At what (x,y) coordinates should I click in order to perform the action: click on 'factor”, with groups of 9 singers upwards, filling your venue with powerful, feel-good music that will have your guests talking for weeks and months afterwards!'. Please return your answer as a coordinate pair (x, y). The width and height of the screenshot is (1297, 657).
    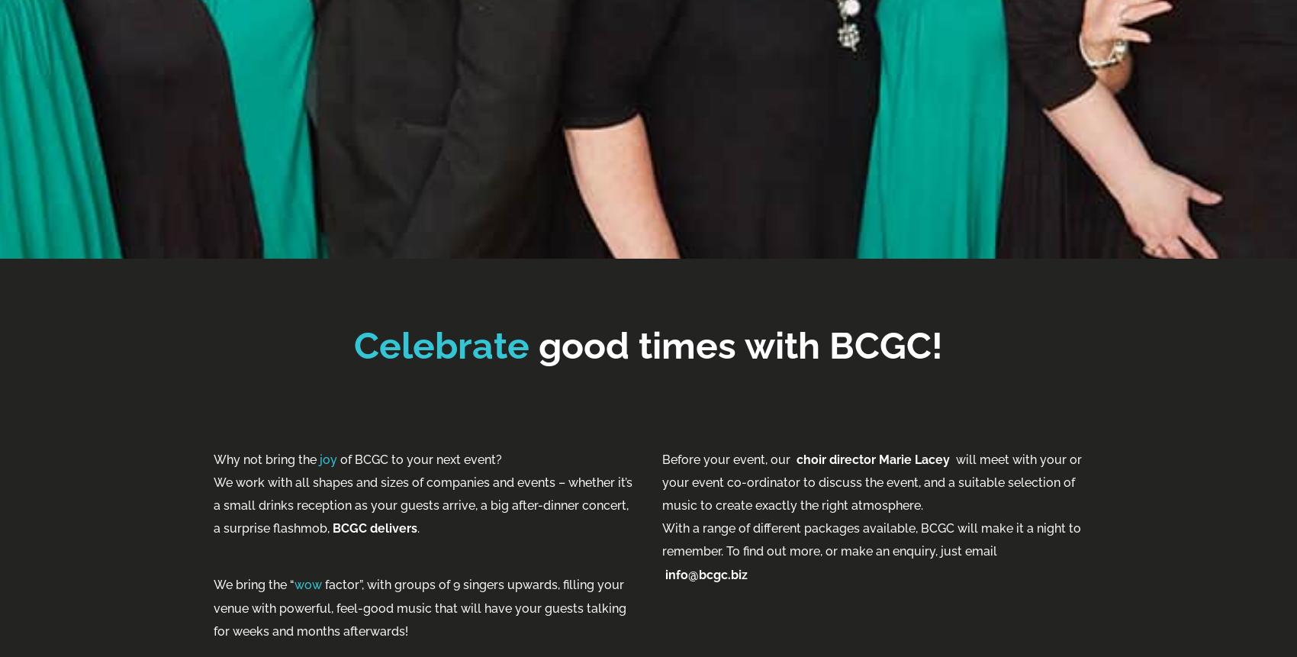
    Looking at the image, I should click on (419, 607).